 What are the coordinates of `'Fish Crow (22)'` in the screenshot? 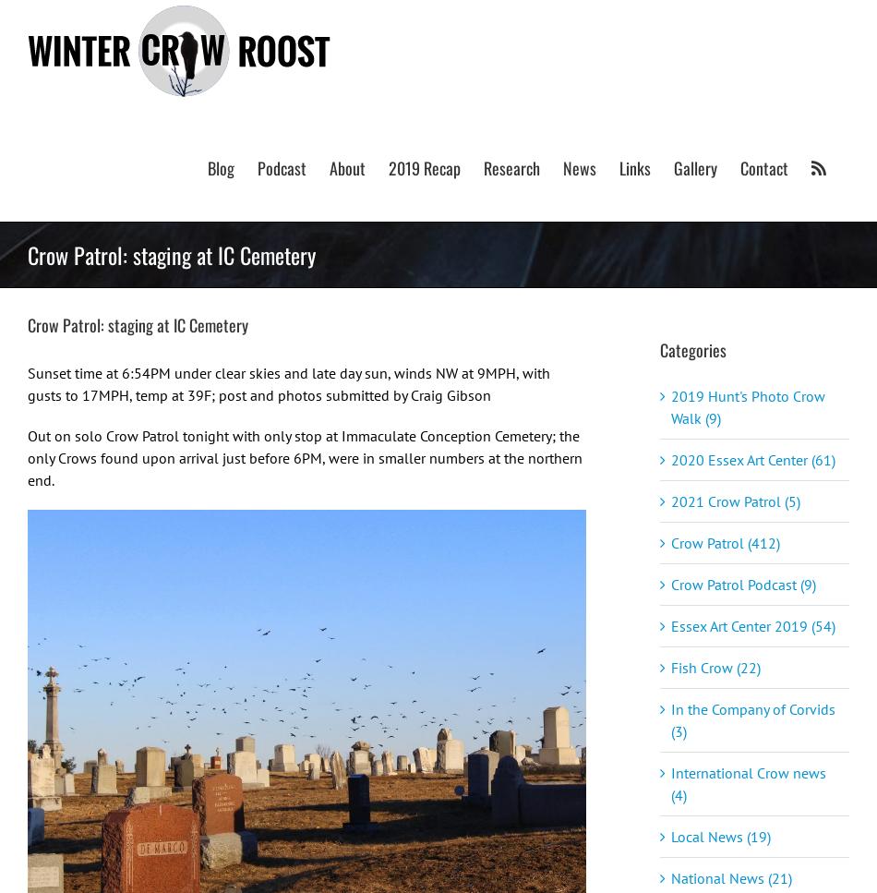 It's located at (715, 665).